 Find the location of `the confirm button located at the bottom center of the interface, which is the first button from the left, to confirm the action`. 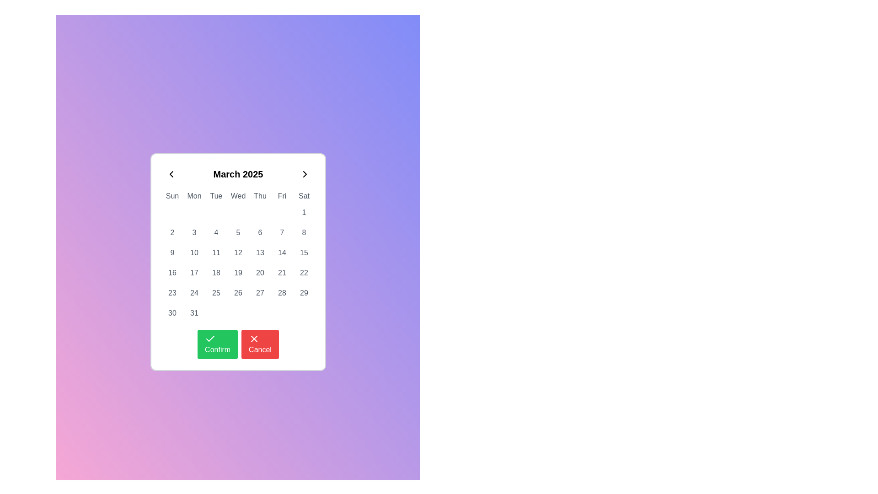

the confirm button located at the bottom center of the interface, which is the first button from the left, to confirm the action is located at coordinates (217, 344).